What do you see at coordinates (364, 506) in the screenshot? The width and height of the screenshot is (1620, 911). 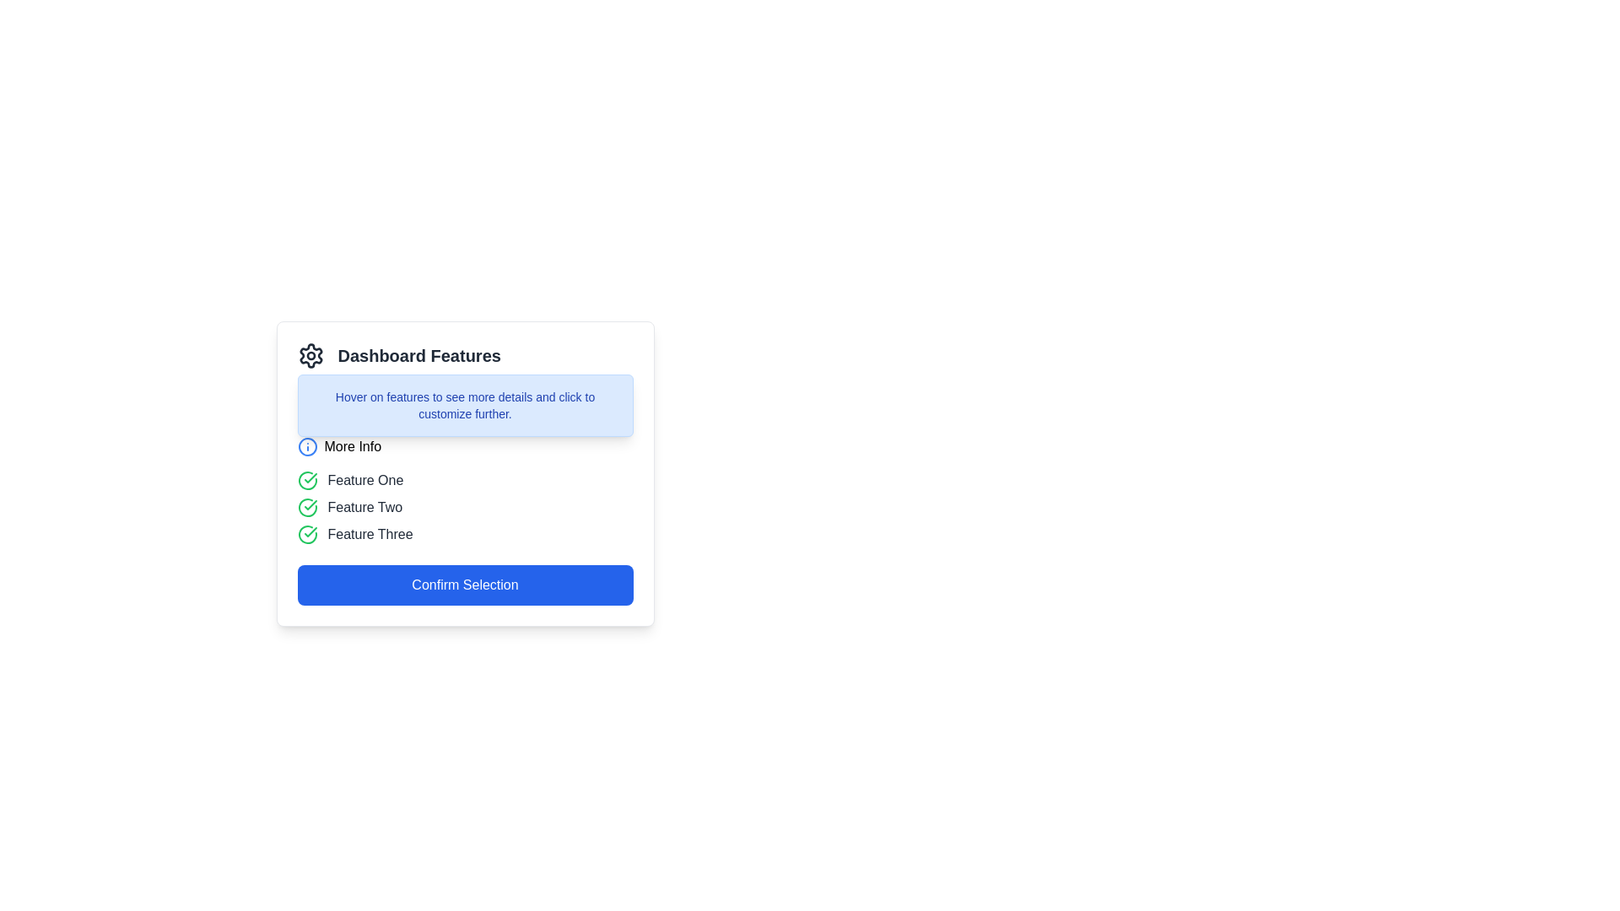 I see `the static text label that describes the second feature in the list, positioned between 'Feature One' and 'Feature Three' in the modal window` at bounding box center [364, 506].